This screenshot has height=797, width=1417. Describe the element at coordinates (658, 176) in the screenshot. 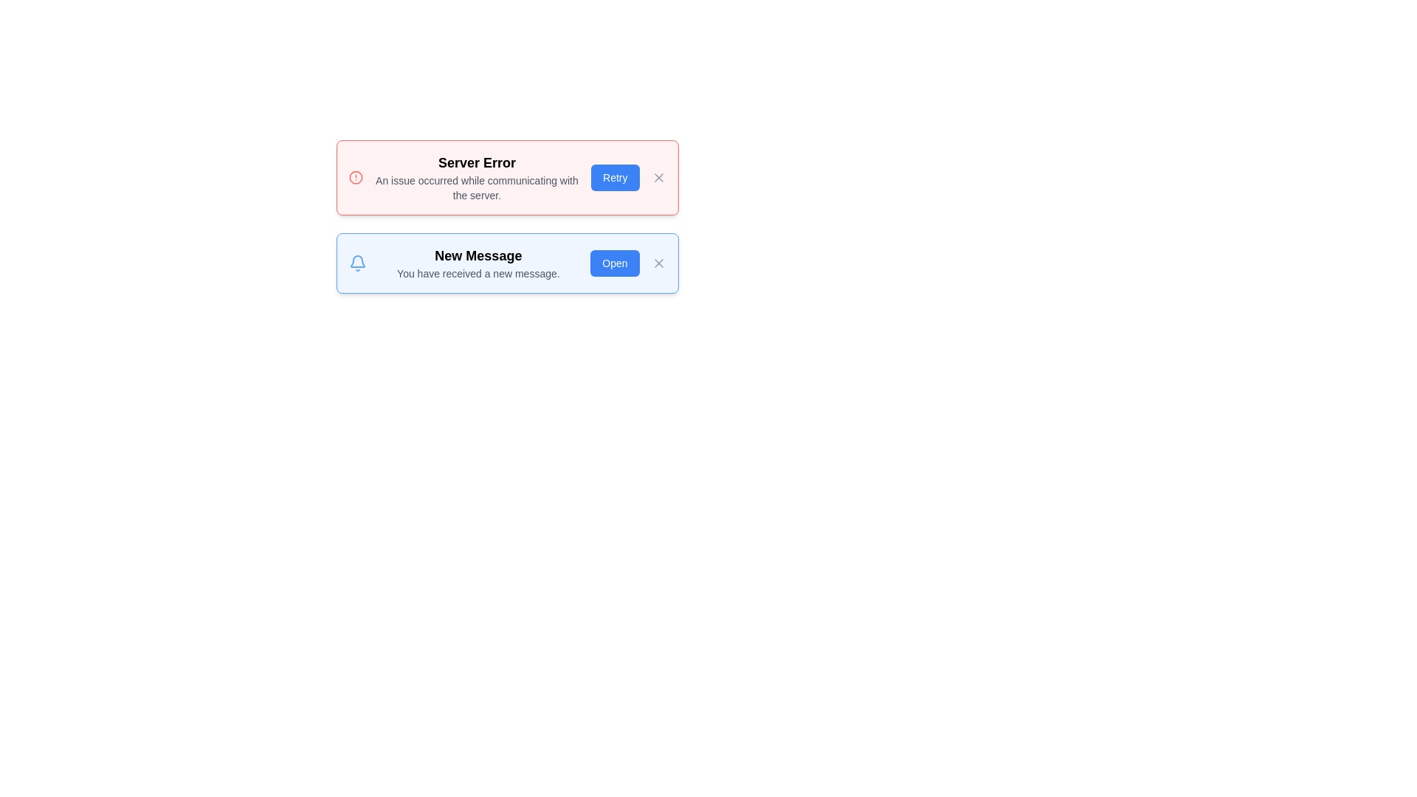

I see `the close button located at the top-right corner of the 'Server Error' alert box` at that location.